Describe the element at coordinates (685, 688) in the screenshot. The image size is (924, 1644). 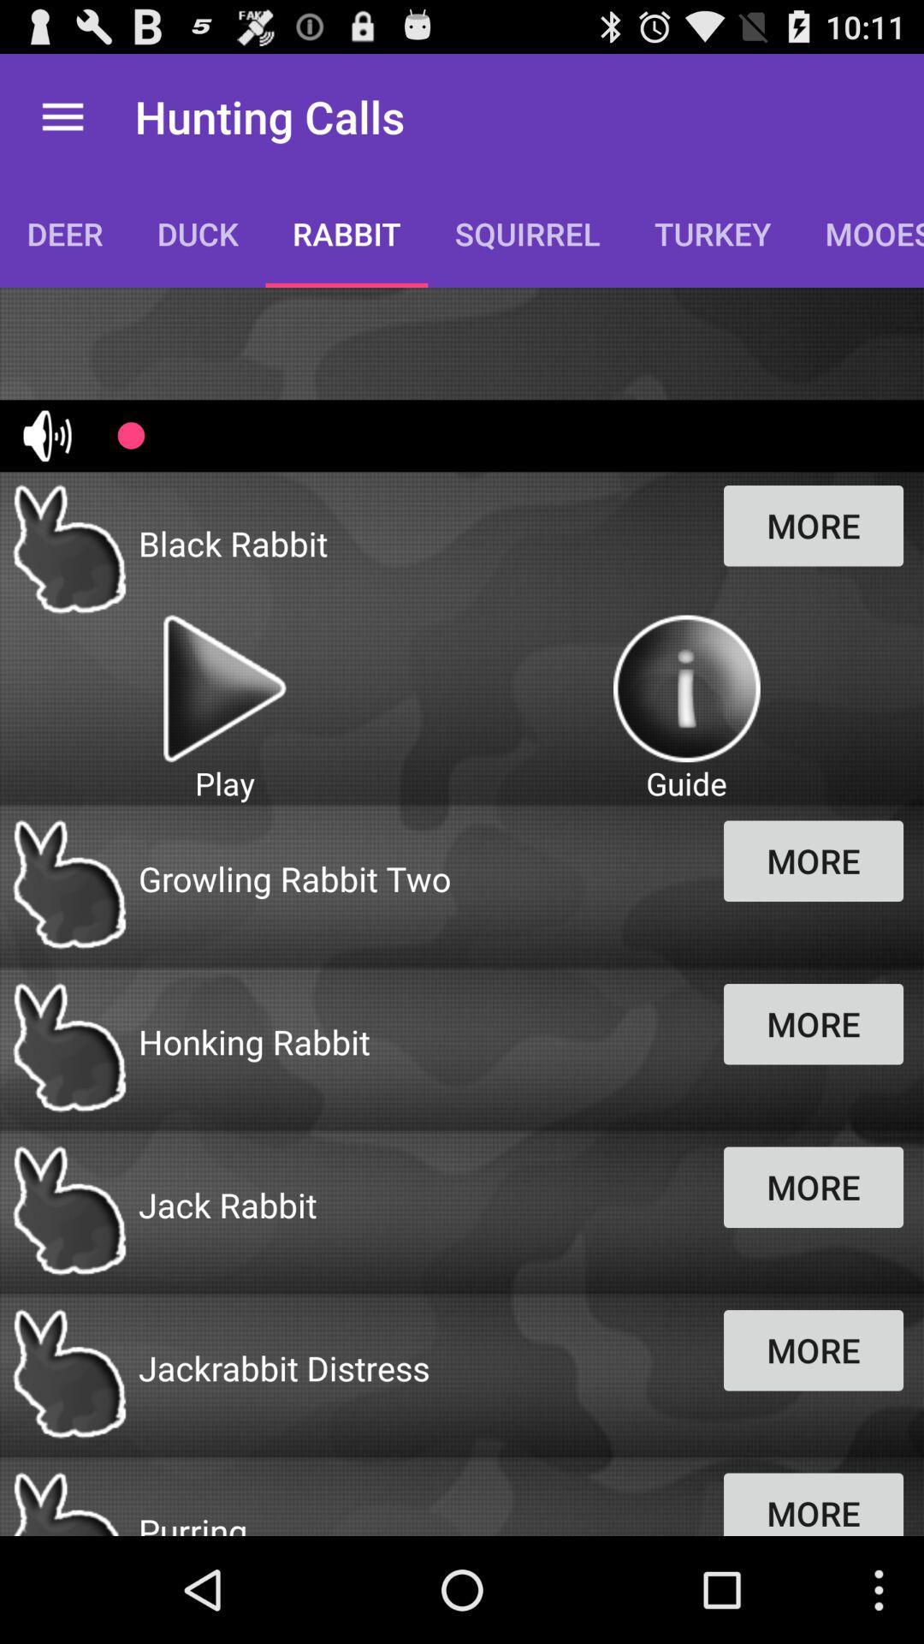
I see `information guide` at that location.